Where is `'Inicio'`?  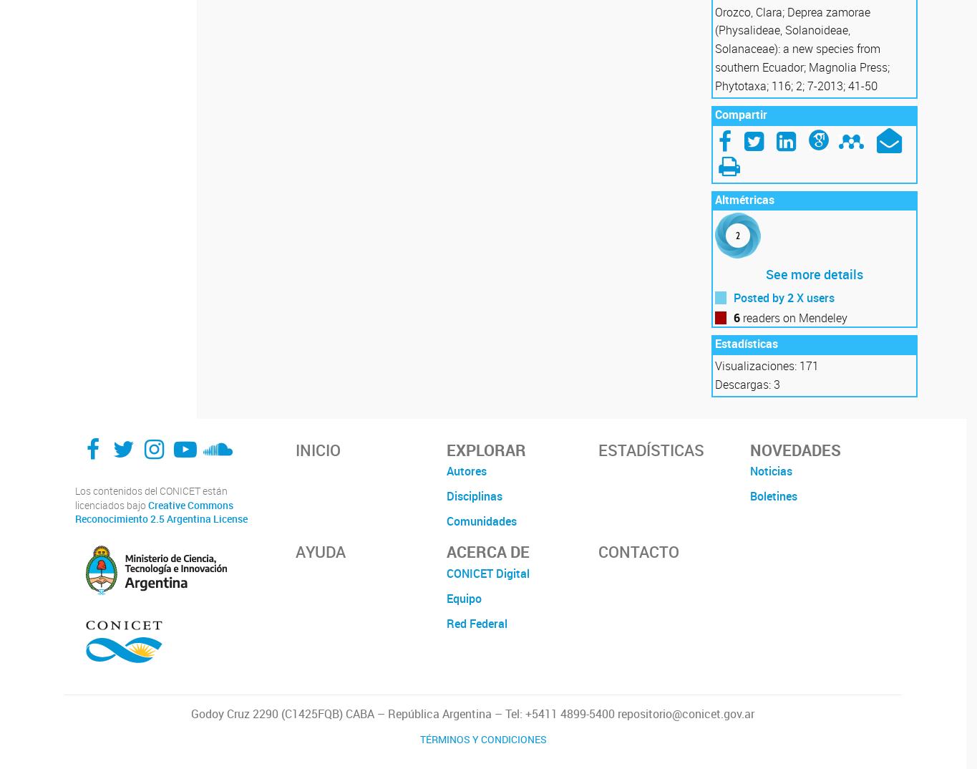 'Inicio' is located at coordinates (317, 449).